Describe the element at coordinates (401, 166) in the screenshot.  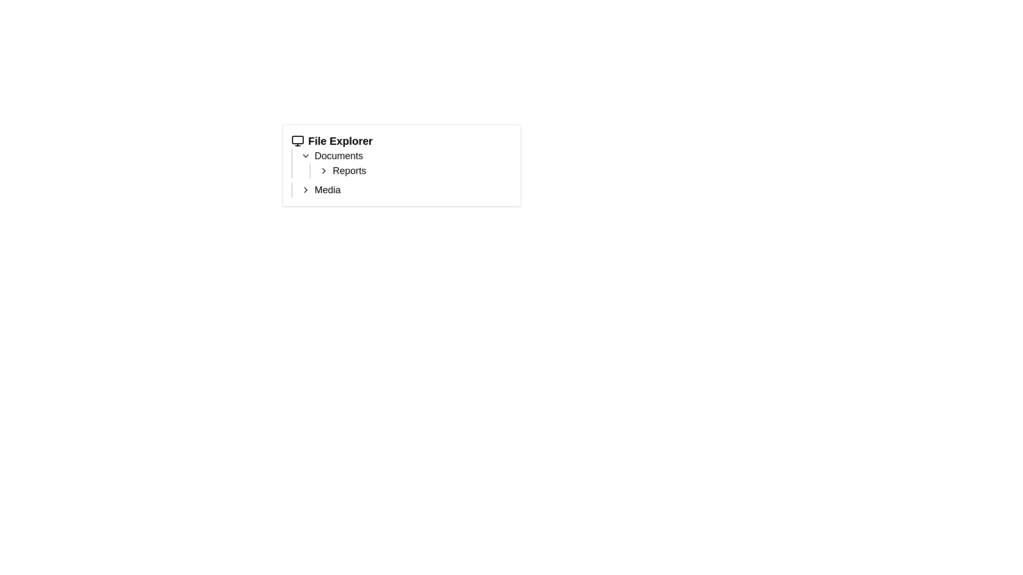
I see `the 'Reports' entry in the File Explorer navigation pane` at that location.